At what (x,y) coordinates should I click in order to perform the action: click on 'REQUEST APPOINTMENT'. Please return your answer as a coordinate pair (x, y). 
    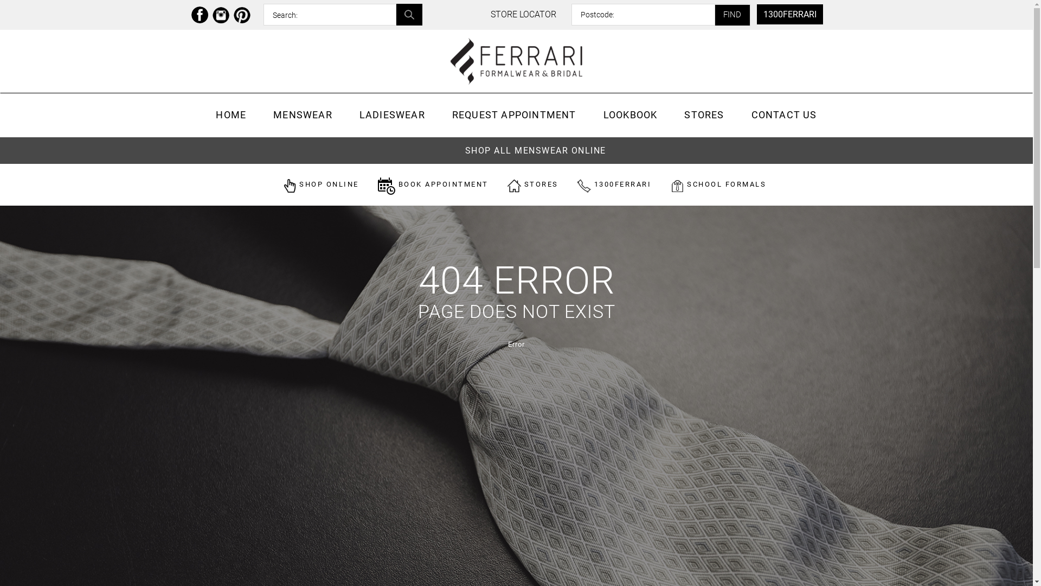
    Looking at the image, I should click on (513, 115).